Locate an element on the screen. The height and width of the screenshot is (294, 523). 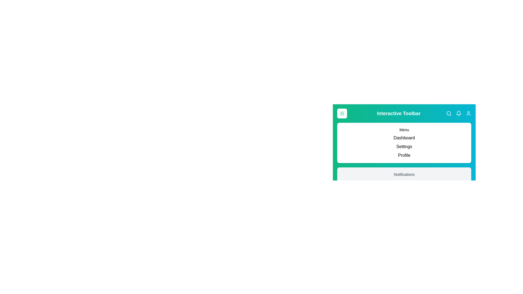
the search icon in the toolbar is located at coordinates (449, 113).